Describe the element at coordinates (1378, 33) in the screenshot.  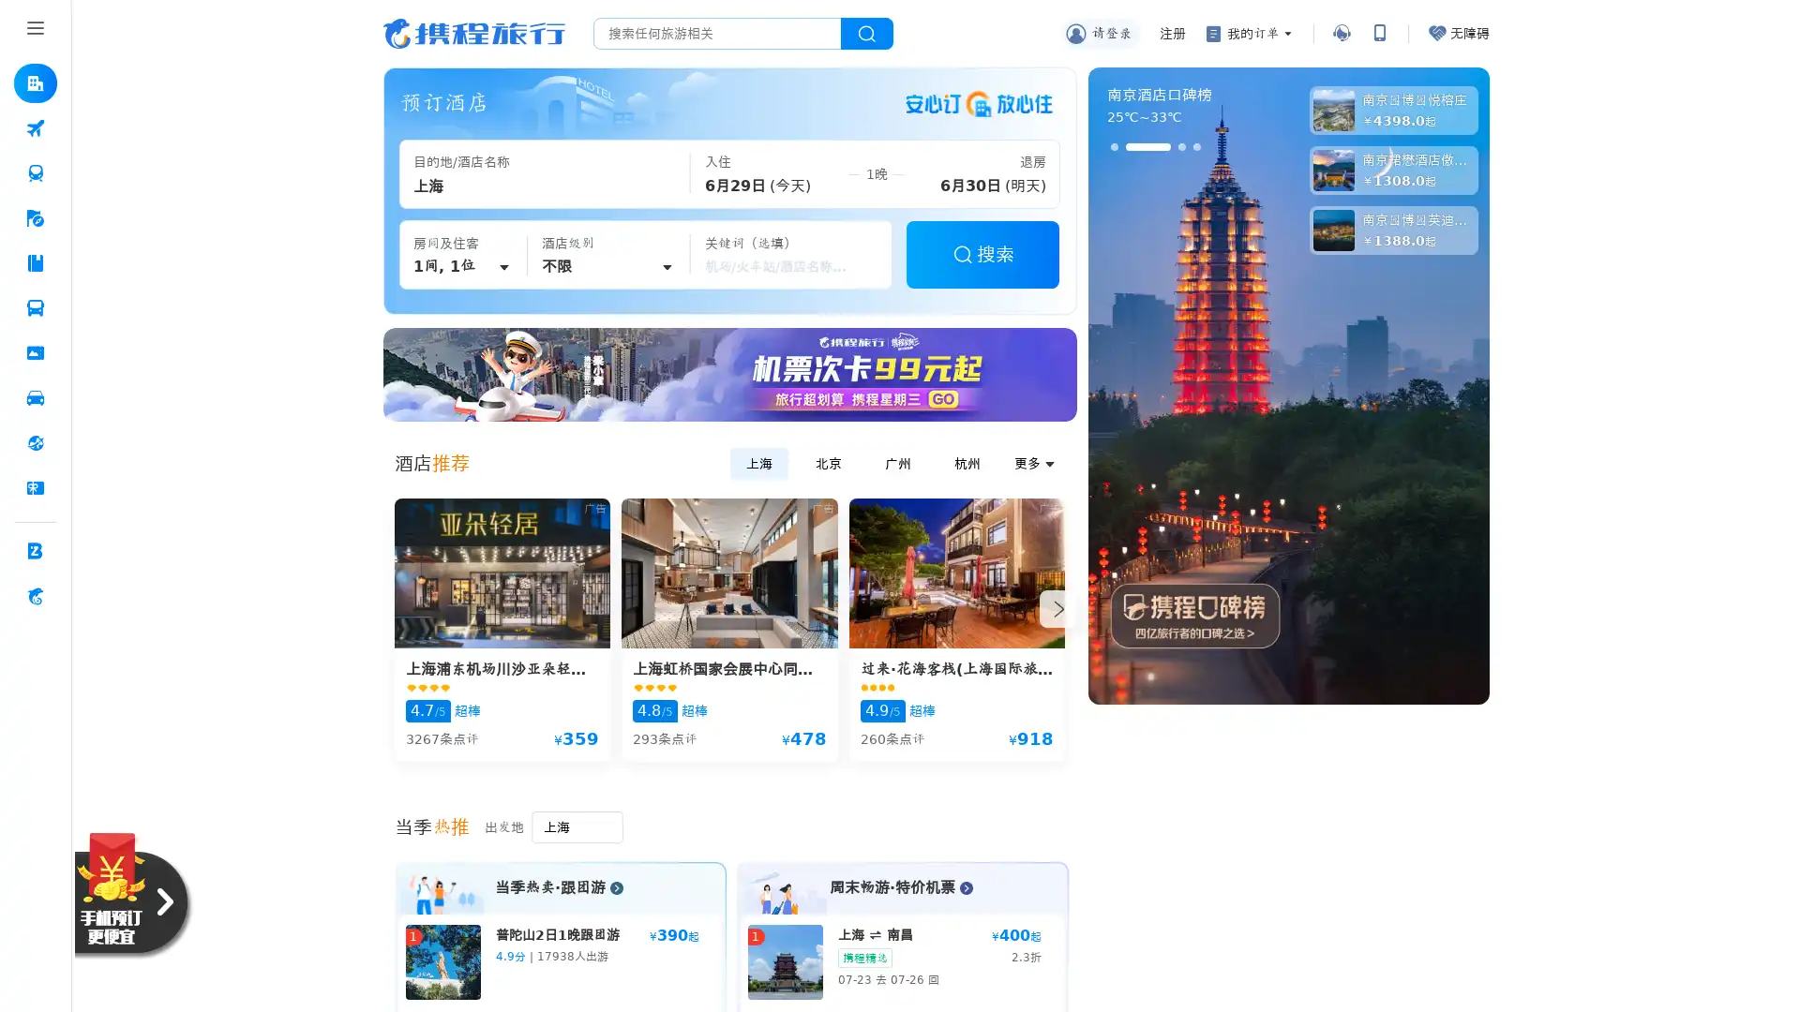
I see `App` at that location.